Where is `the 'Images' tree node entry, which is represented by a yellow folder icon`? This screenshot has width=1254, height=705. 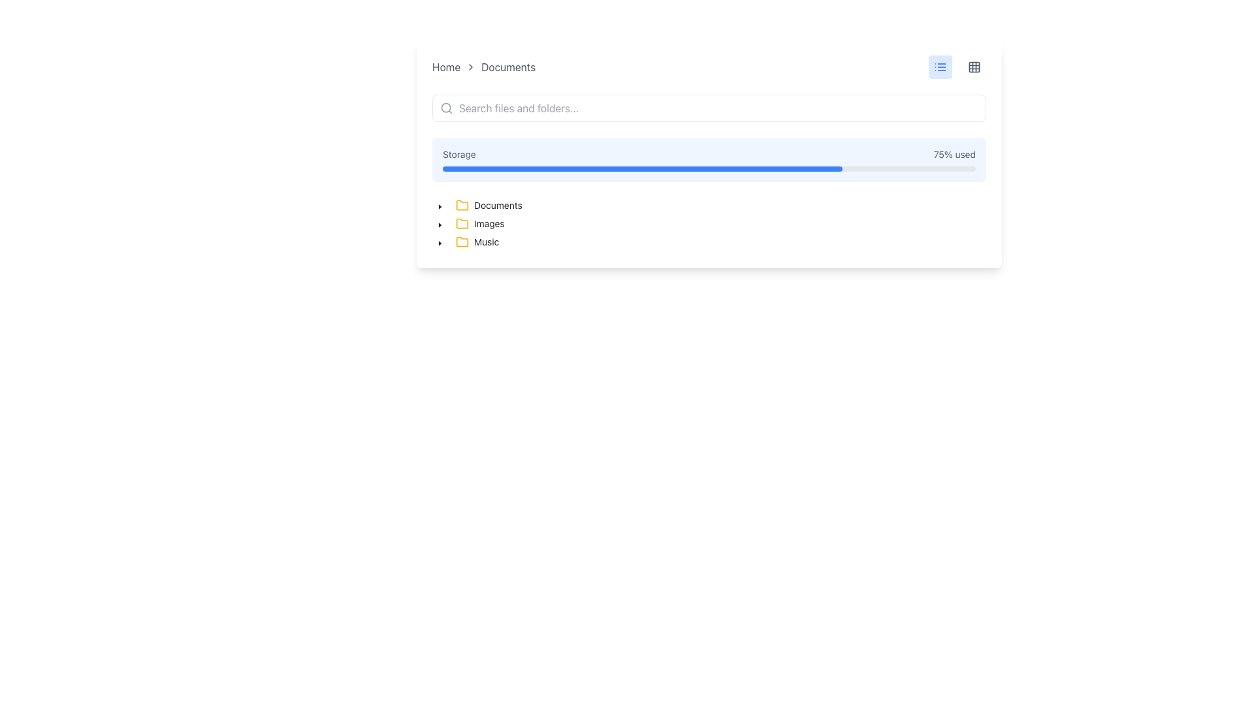 the 'Images' tree node entry, which is represented by a yellow folder icon is located at coordinates (479, 223).